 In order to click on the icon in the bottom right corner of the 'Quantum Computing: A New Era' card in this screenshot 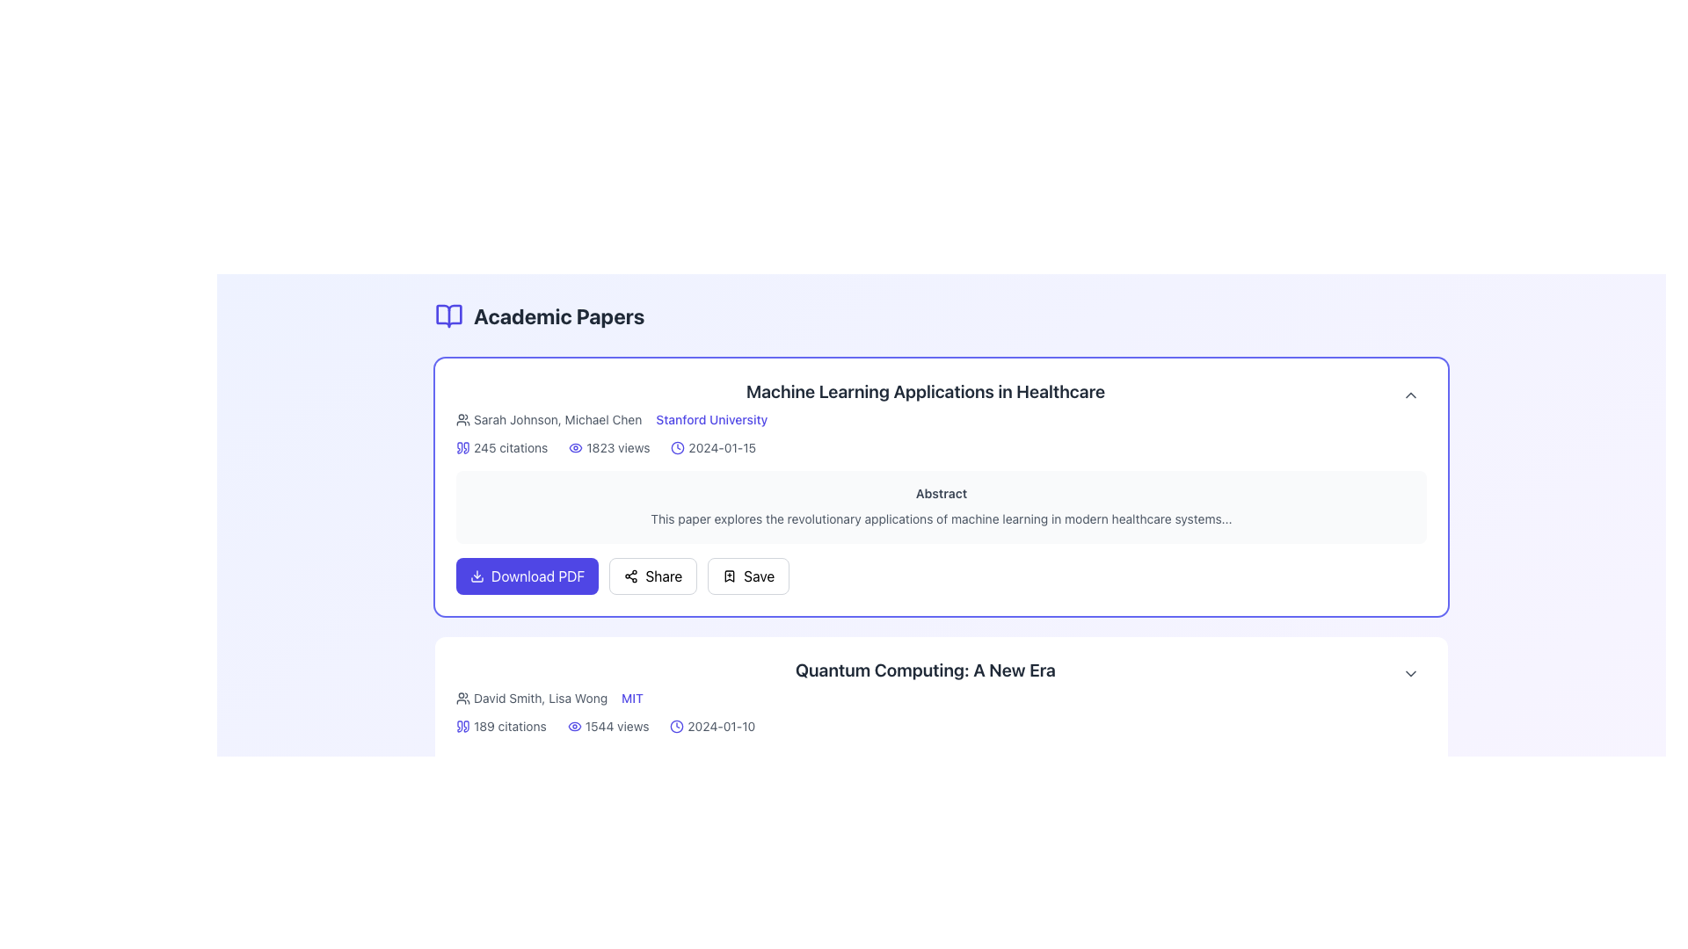, I will do `click(1410, 672)`.